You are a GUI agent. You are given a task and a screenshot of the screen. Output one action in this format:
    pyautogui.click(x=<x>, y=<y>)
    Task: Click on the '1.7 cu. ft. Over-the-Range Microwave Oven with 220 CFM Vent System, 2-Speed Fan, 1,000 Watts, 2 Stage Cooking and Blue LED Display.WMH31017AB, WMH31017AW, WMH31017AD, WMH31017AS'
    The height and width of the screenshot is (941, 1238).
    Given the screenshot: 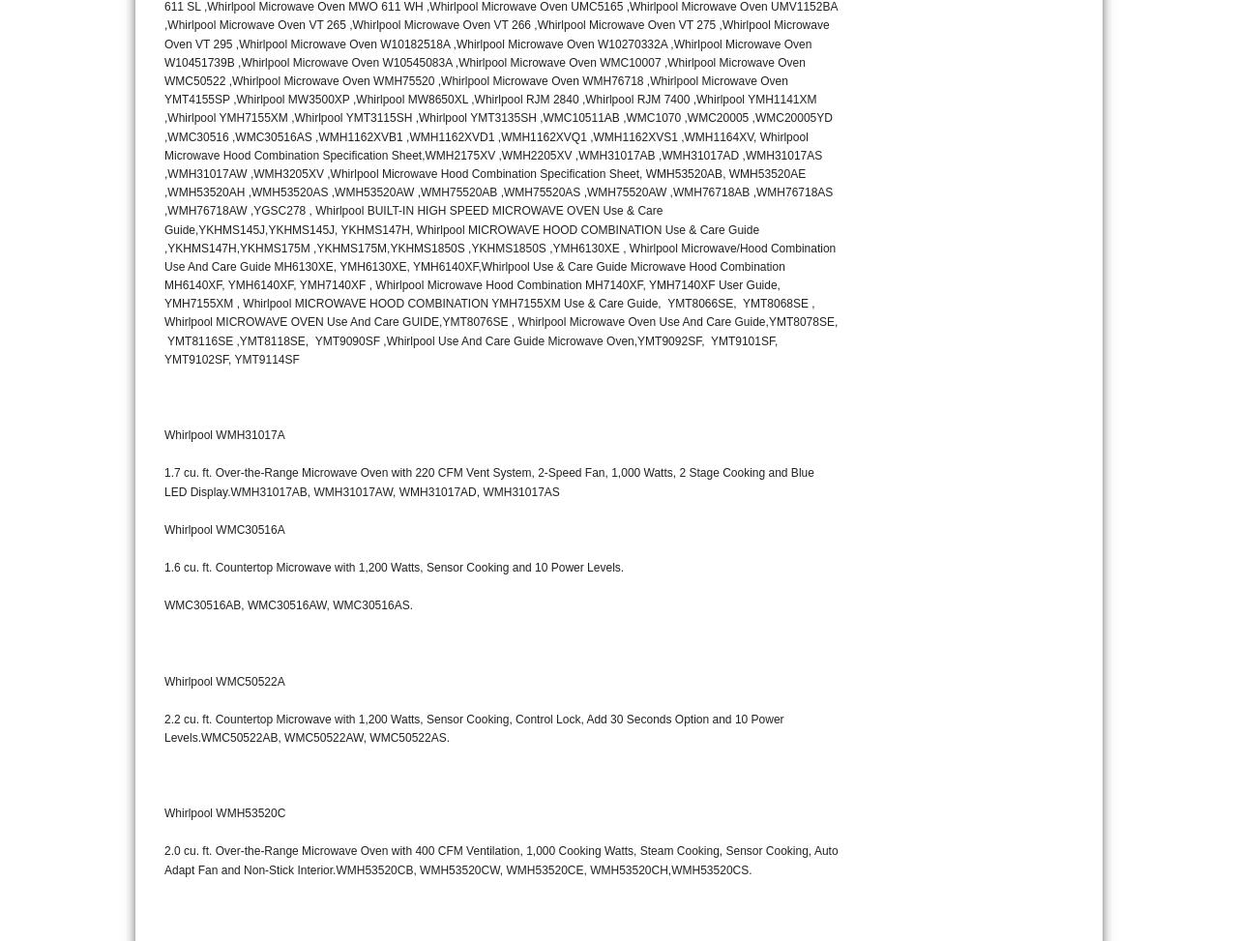 What is the action you would take?
    pyautogui.click(x=488, y=481)
    